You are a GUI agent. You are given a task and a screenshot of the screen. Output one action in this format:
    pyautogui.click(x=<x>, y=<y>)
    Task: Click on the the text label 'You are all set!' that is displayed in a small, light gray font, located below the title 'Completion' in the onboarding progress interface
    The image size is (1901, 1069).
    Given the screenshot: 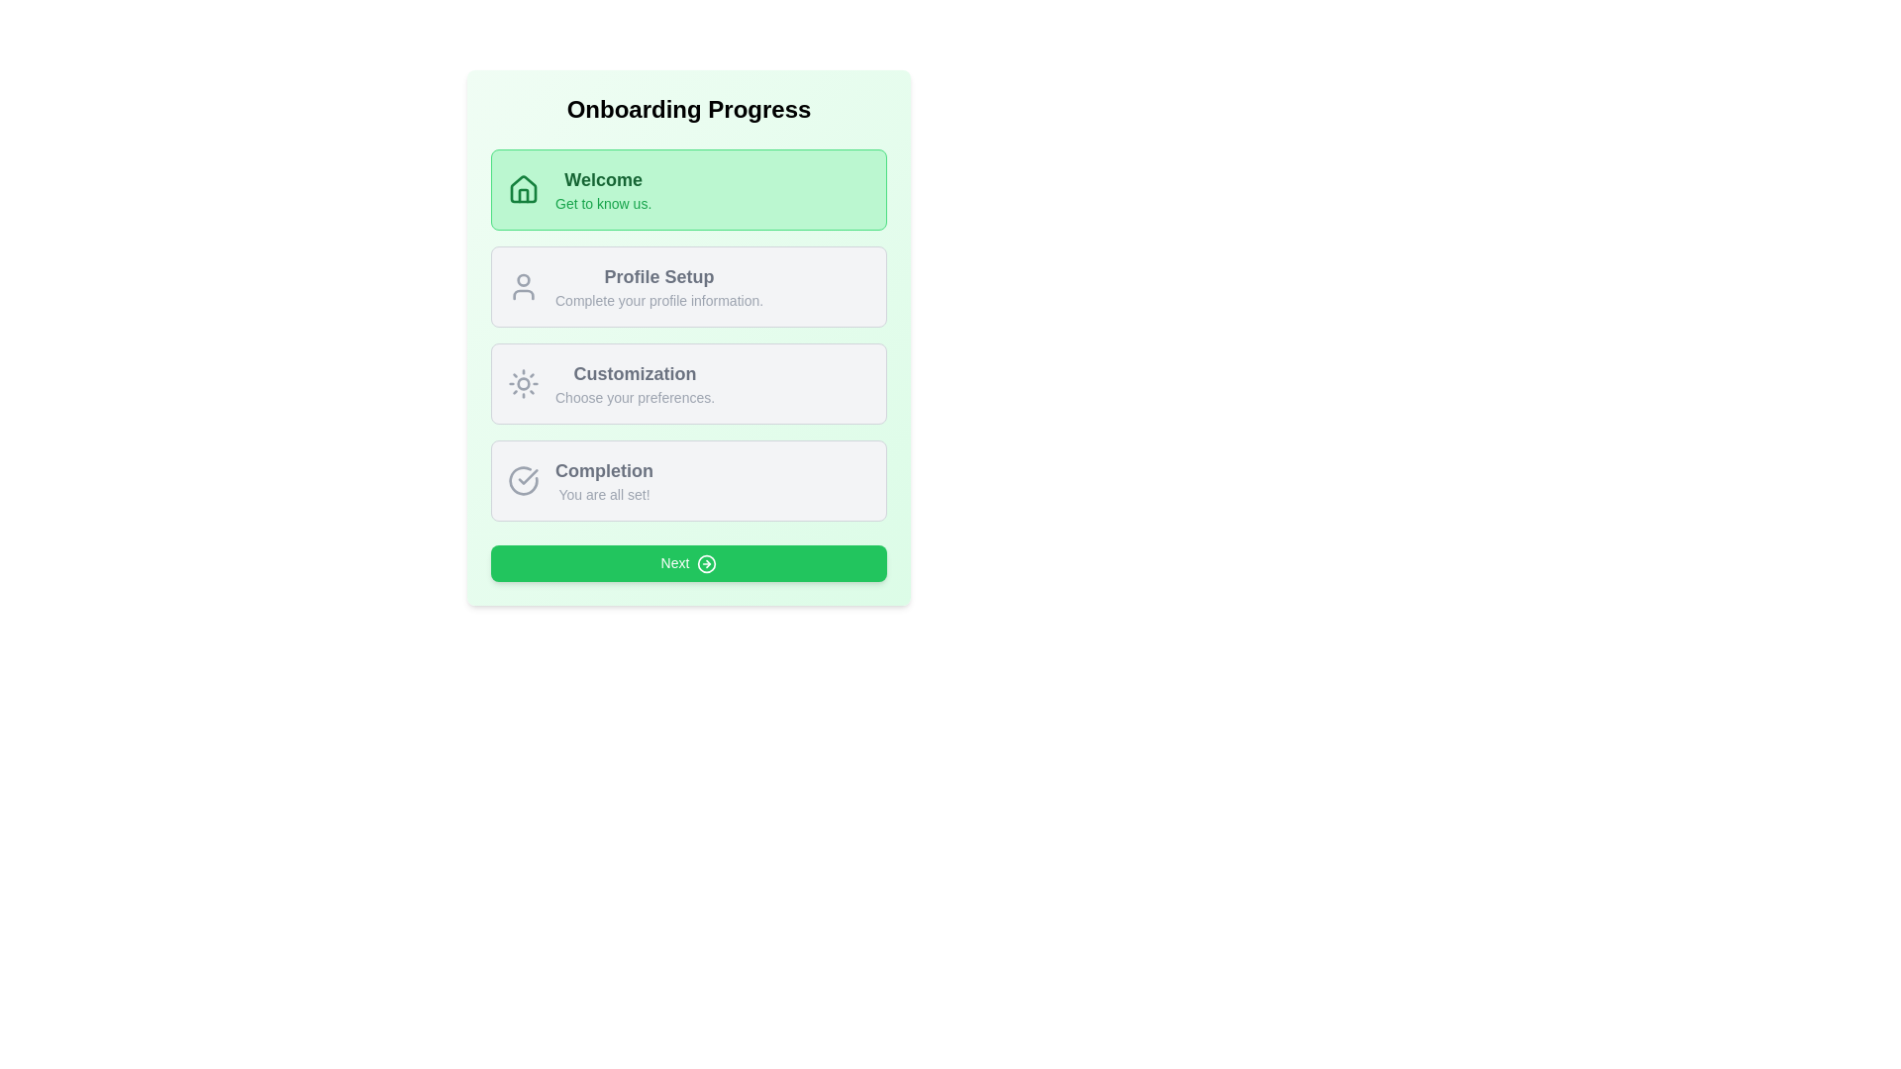 What is the action you would take?
    pyautogui.click(x=603, y=494)
    